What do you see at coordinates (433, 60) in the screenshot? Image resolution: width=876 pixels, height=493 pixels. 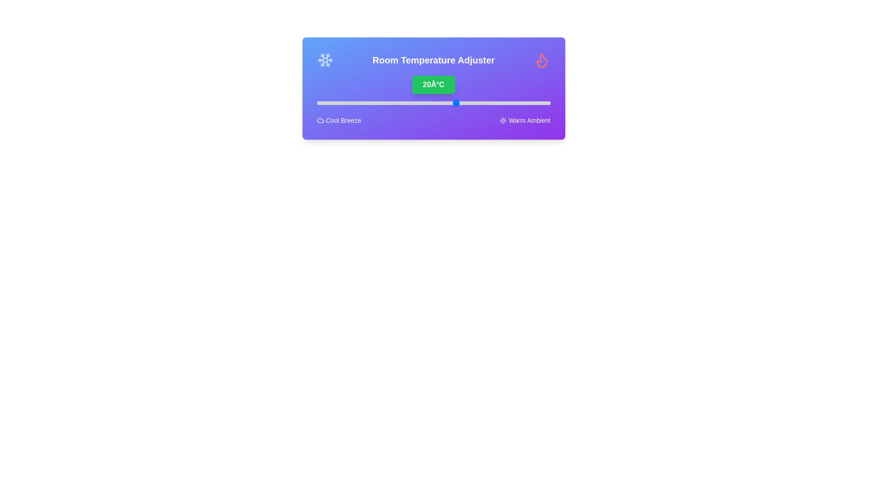 I see `the center of the text 'Room Temperature Adjuster'` at bounding box center [433, 60].